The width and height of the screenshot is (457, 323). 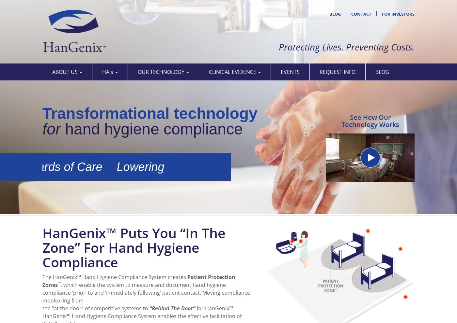 What do you see at coordinates (162, 72) in the screenshot?
I see `'OUR TECHNOLOGY'` at bounding box center [162, 72].